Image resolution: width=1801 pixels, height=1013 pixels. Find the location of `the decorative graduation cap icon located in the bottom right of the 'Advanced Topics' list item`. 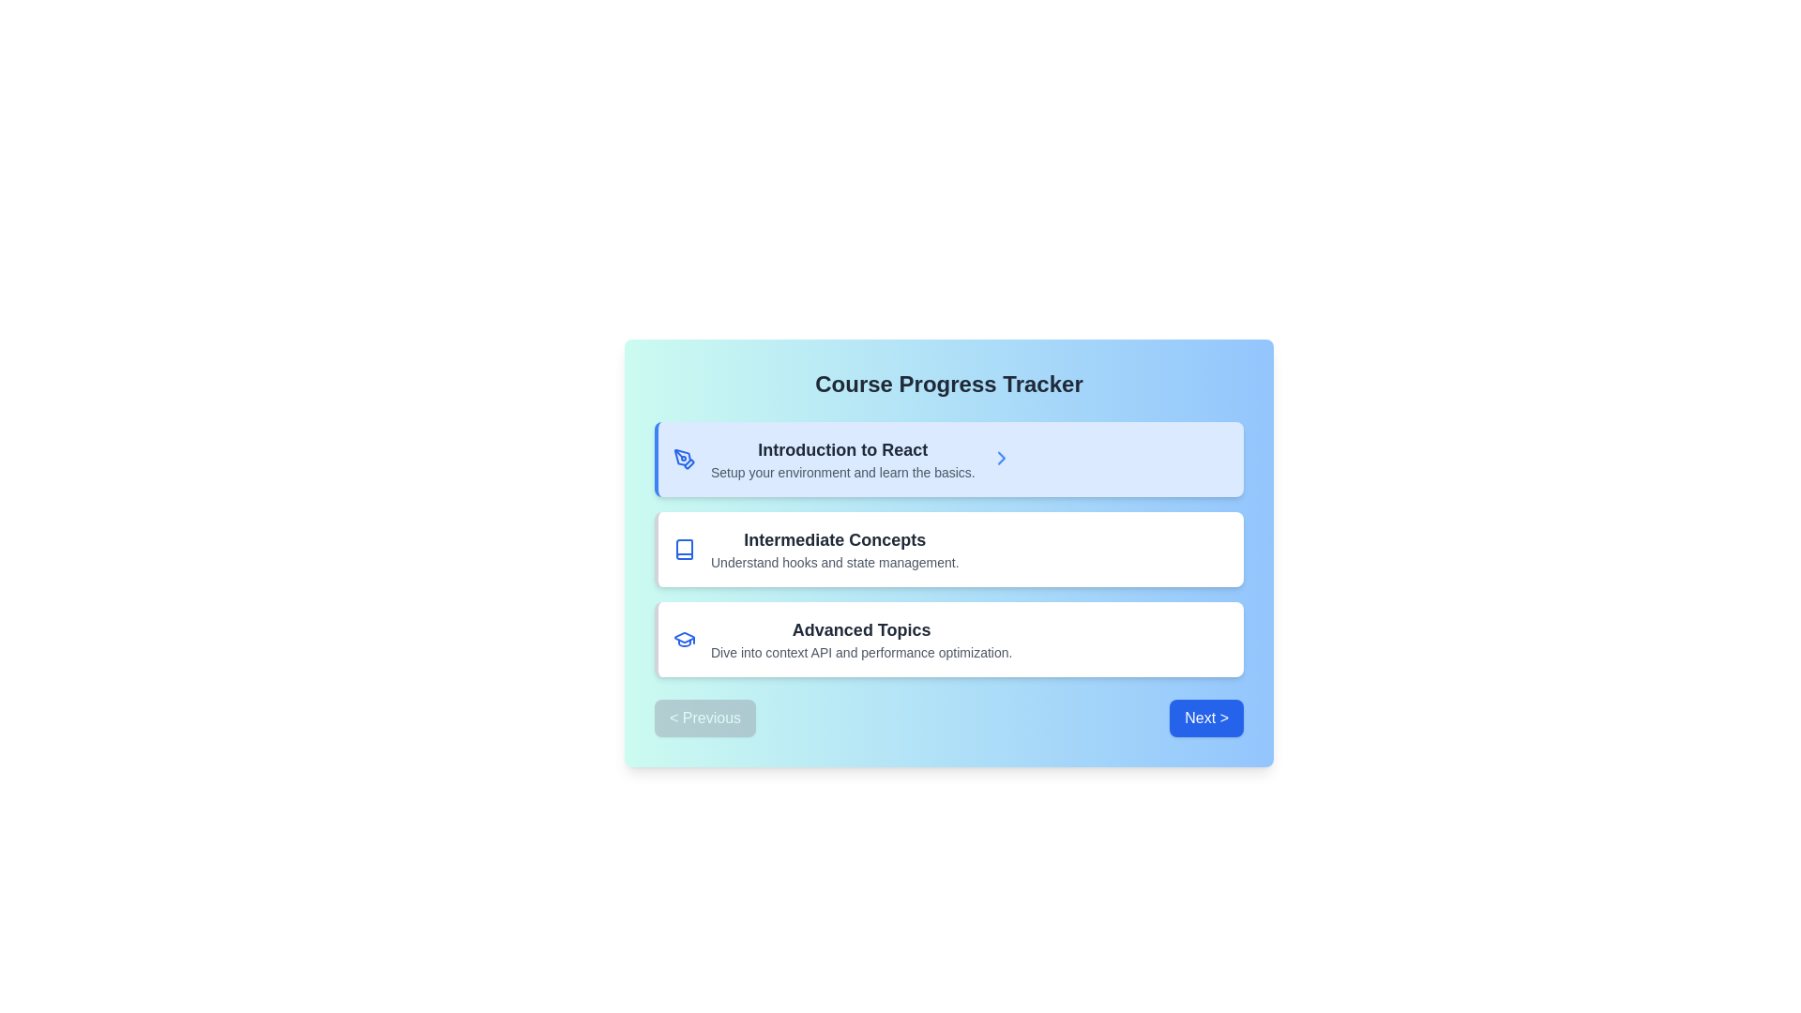

the decorative graduation cap icon located in the bottom right of the 'Advanced Topics' list item is located at coordinates (683, 636).